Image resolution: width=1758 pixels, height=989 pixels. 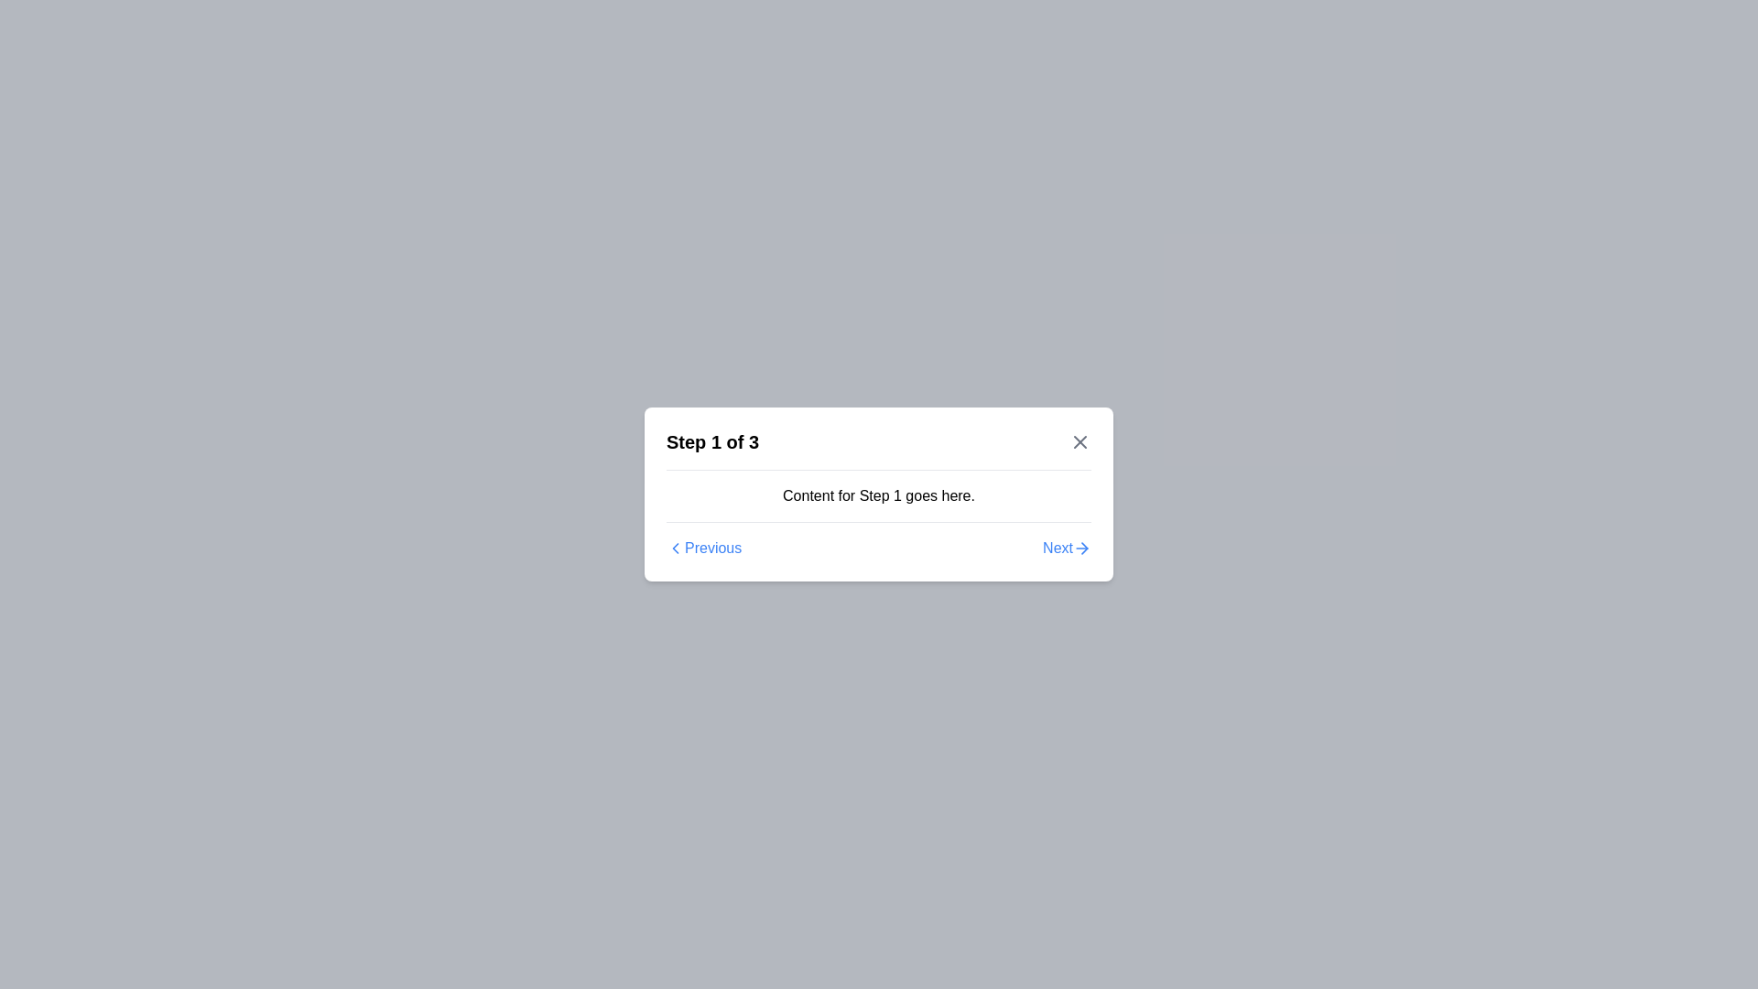 I want to click on the 'Previous' button located in the bottom-left corner of the dialog interface, so click(x=703, y=547).